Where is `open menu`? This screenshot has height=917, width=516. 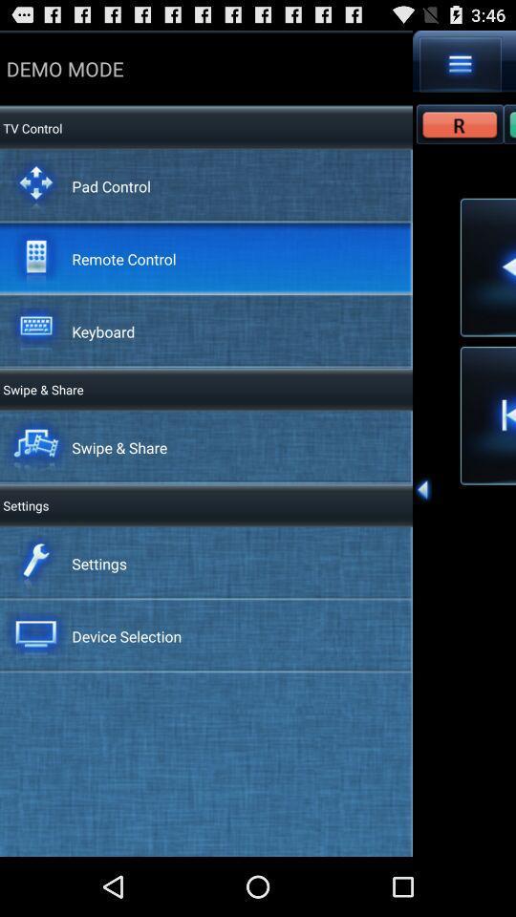 open menu is located at coordinates (460, 64).